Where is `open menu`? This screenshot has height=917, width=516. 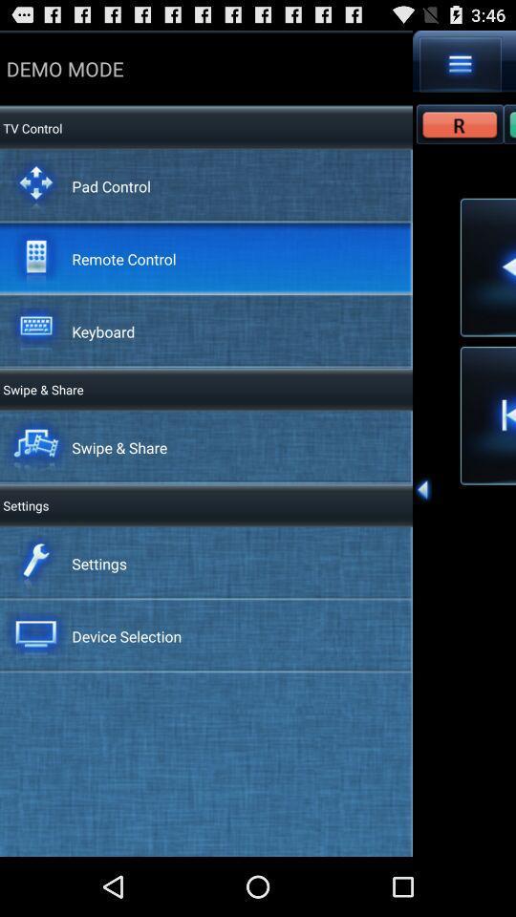 open menu is located at coordinates (460, 64).